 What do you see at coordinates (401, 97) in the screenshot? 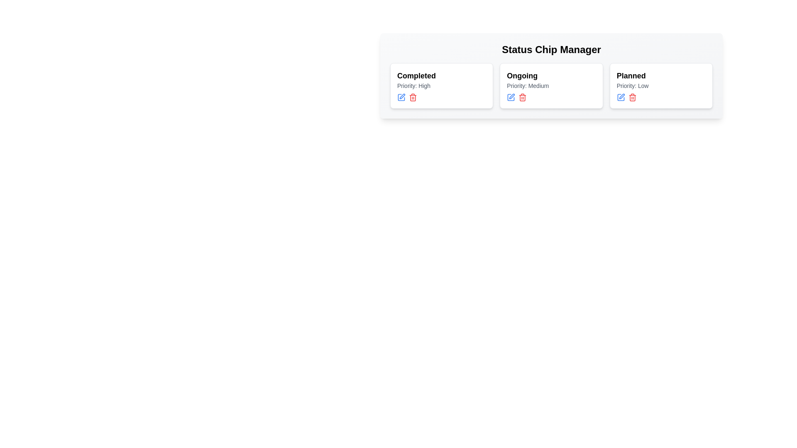
I see `edit button for the chip labeled Completed` at bounding box center [401, 97].